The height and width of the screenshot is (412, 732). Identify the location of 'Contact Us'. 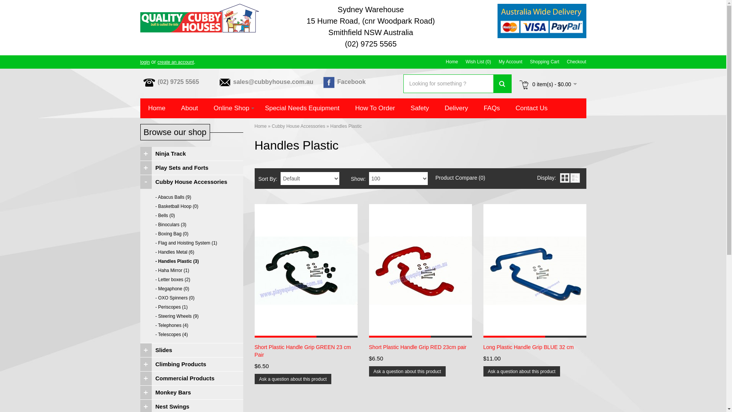
(531, 108).